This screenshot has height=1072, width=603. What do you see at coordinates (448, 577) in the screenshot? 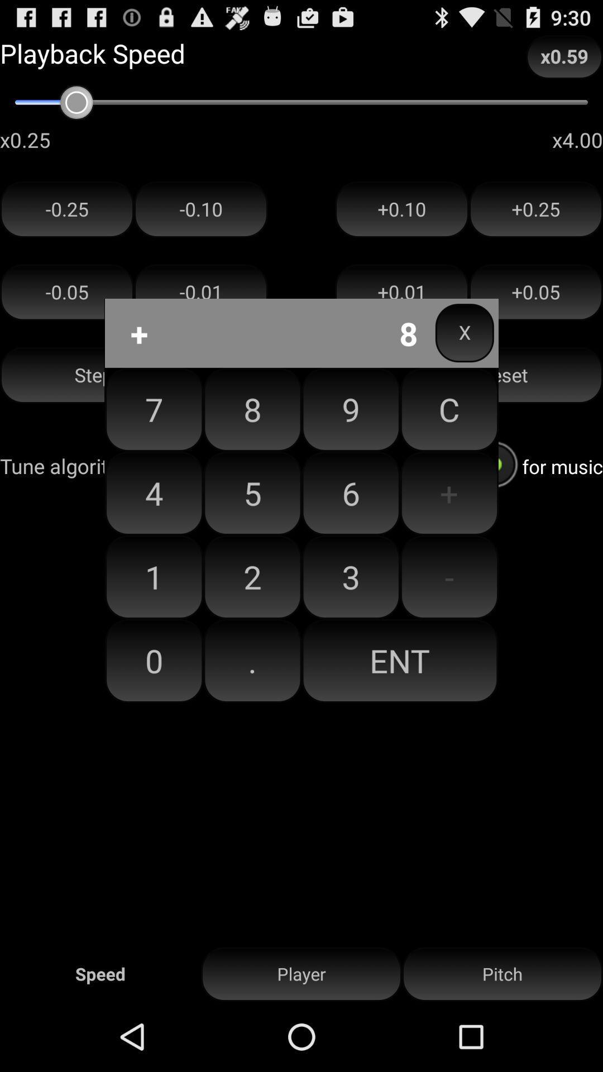
I see `the button above ent item` at bounding box center [448, 577].